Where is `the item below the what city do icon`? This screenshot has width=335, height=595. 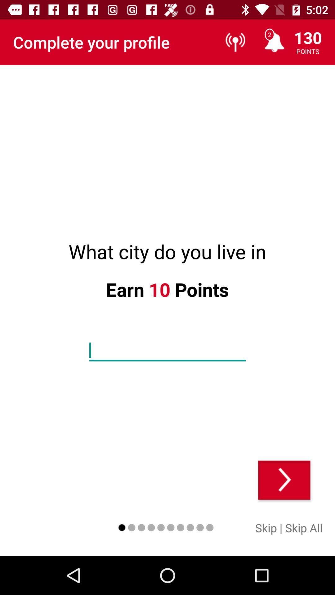 the item below the what city do icon is located at coordinates (284, 480).